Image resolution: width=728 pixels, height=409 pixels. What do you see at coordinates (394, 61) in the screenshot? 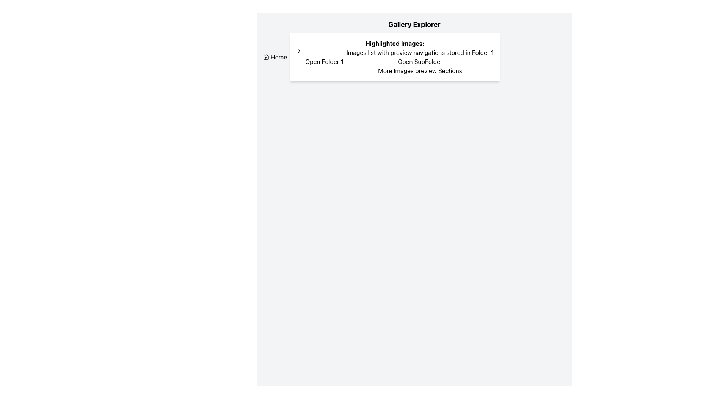
I see `the second interactive button in the 'Highlighted Images:' section, located below the 'Images list with preview navigations stored in Folder 1' text, to possibly reveal more information` at bounding box center [394, 61].